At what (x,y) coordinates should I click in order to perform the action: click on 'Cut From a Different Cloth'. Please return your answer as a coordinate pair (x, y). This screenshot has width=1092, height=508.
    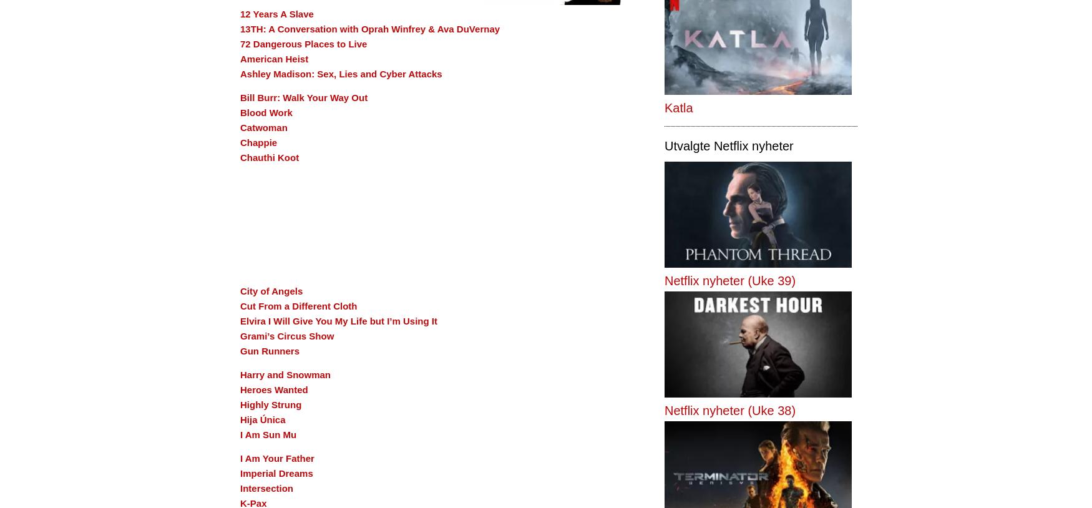
    Looking at the image, I should click on (240, 305).